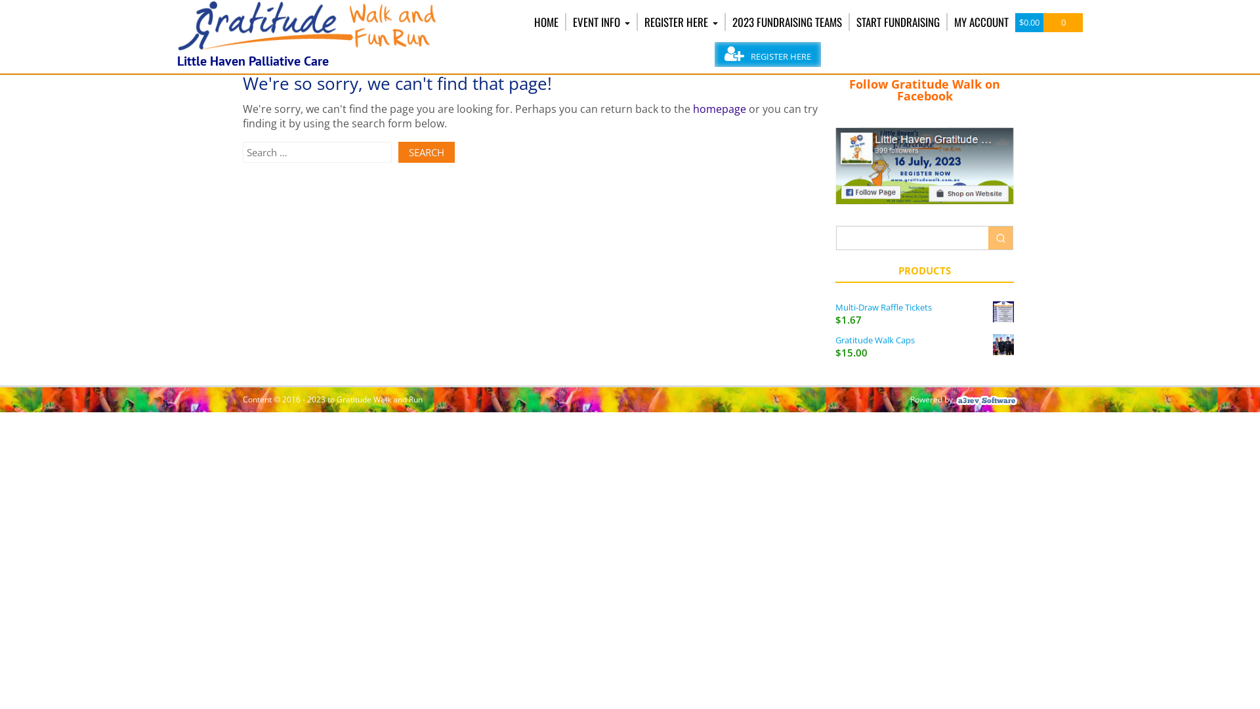 This screenshot has width=1260, height=709. Describe the element at coordinates (834, 340) in the screenshot. I see `'Gratitude Walk Caps'` at that location.